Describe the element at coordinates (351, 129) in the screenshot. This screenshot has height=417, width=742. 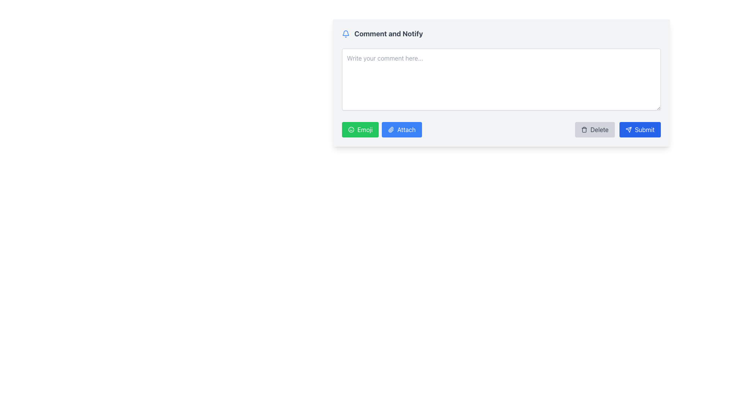
I see `the circular outline icon that is part of a smiley face SVG graphic, located on the left side of the toolbar below the 'Comment and Notify' text input area` at that location.